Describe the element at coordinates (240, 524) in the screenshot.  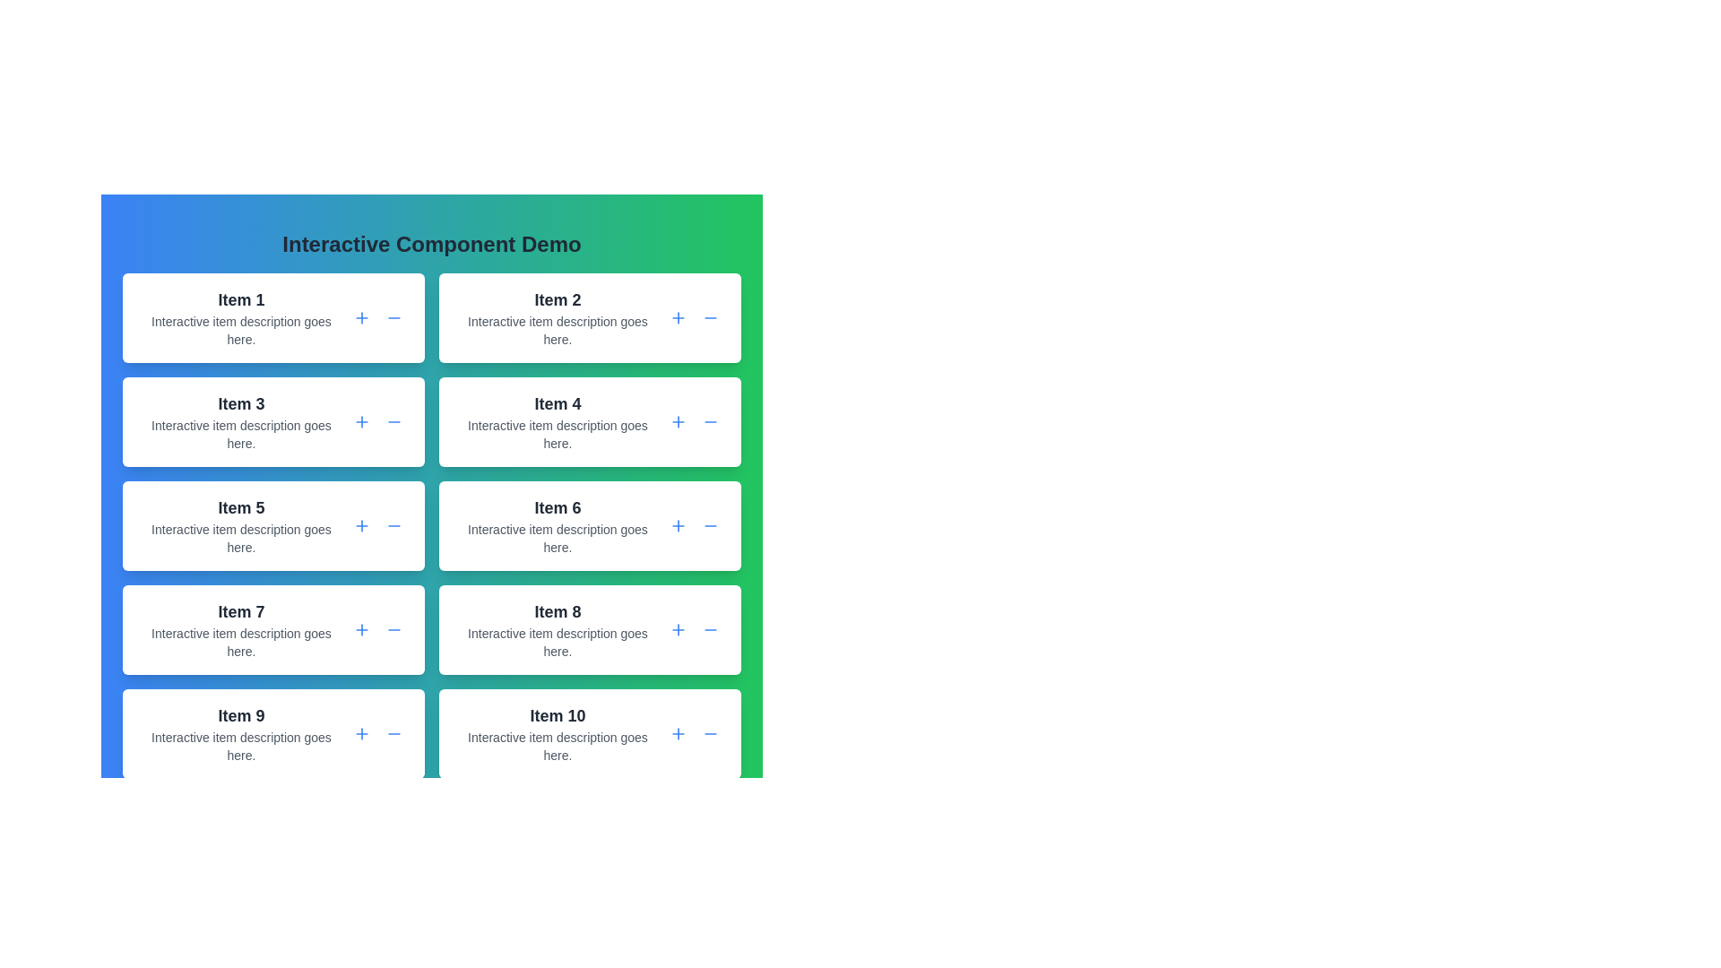
I see `the Textual display component that provides descriptive information about 'Item 5', located in the fifth row of a grid layout in the left column` at that location.